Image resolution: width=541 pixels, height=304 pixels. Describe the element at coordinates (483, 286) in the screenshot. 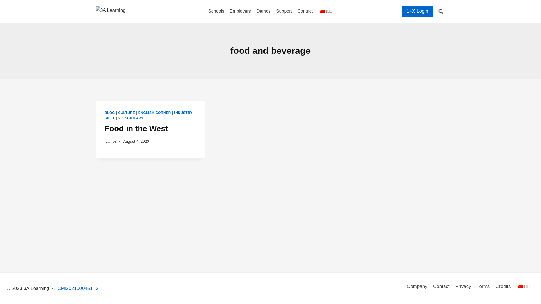

I see `'Terms'` at that location.